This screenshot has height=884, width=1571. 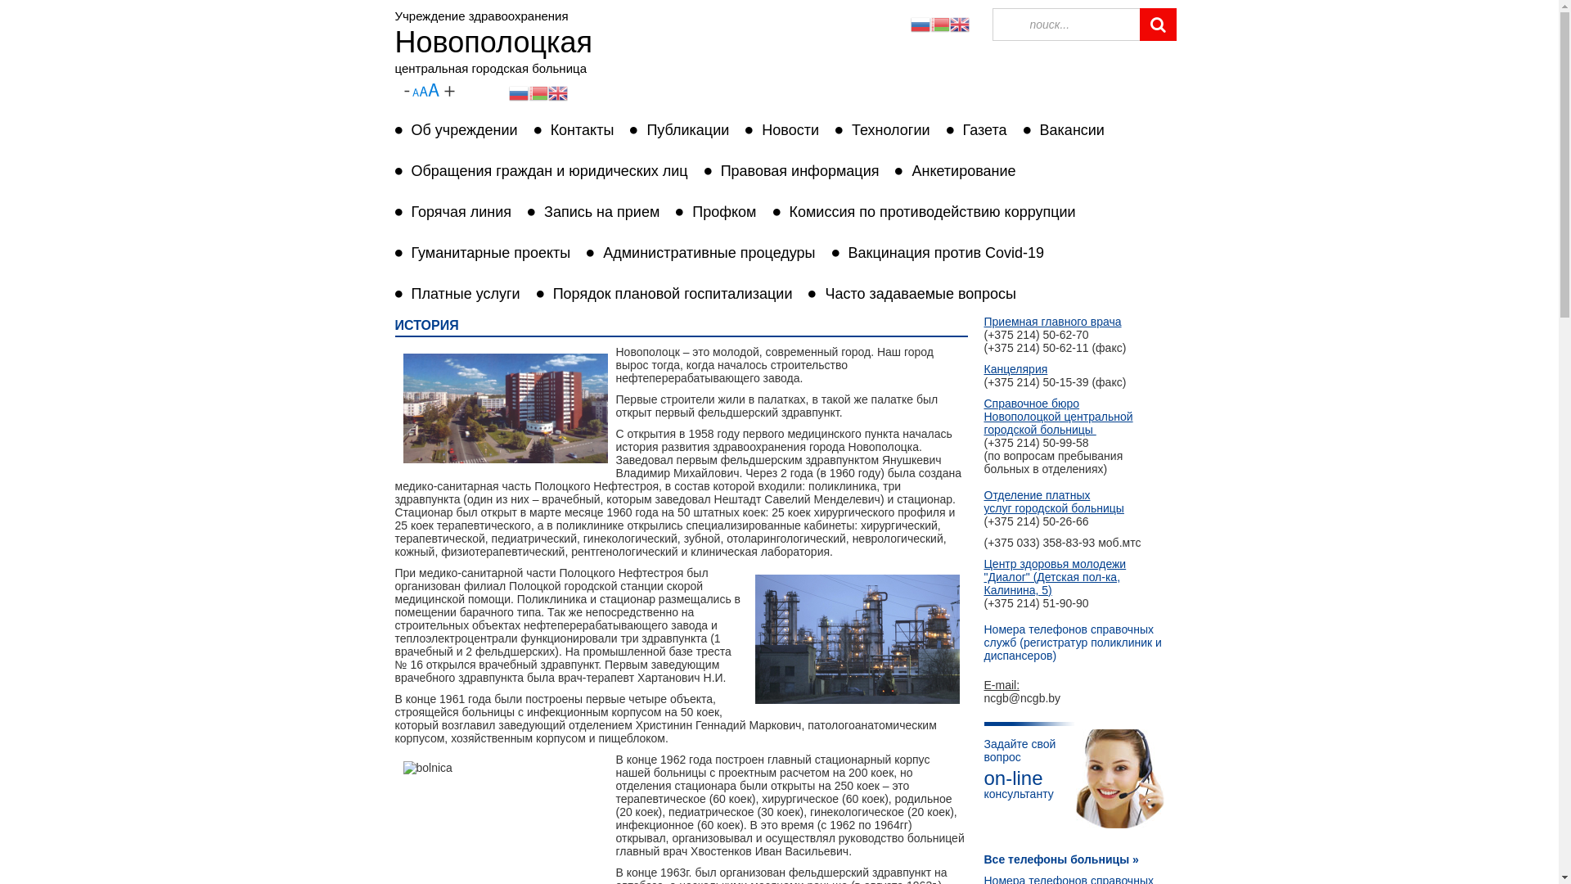 I want to click on 'English', so click(x=958, y=24).